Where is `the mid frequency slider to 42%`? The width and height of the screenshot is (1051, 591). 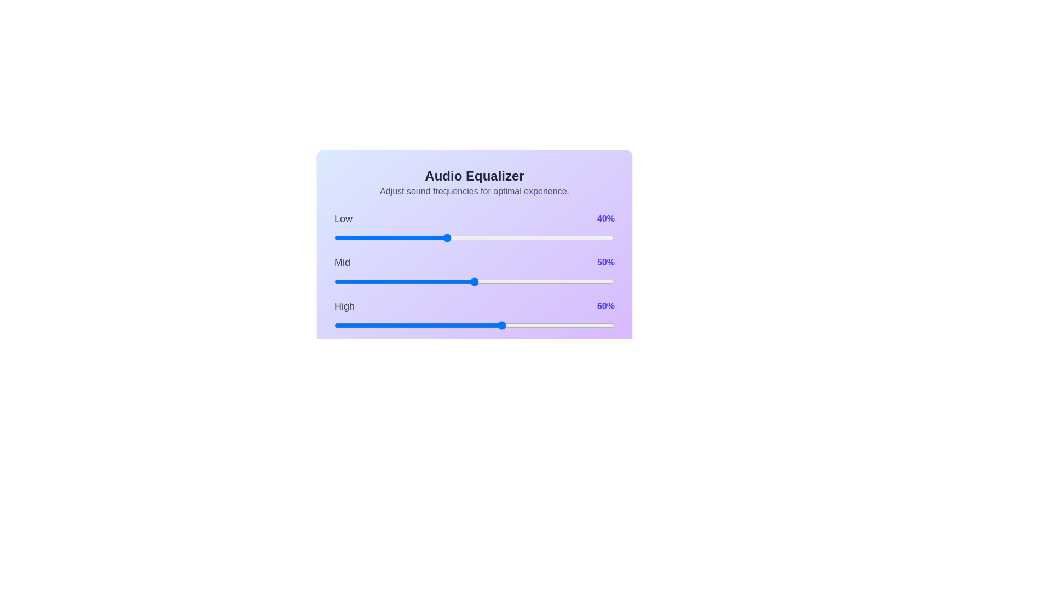 the mid frequency slider to 42% is located at coordinates (452, 281).